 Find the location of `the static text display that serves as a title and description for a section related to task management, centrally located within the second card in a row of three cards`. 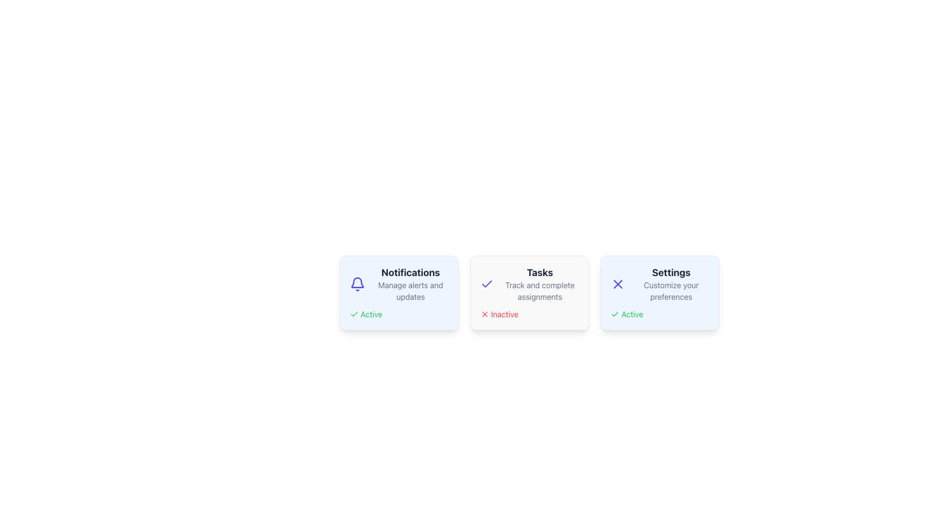

the static text display that serves as a title and description for a section related to task management, centrally located within the second card in a row of three cards is located at coordinates (529, 284).